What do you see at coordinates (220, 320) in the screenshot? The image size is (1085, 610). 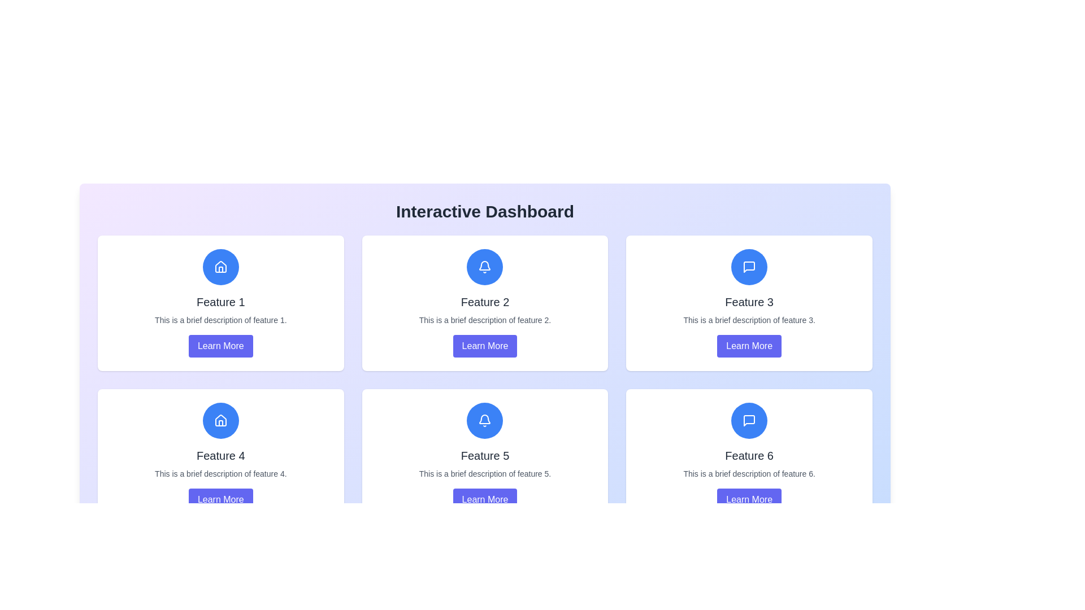 I see `the text component that states 'This is a brief description of feature 1.' styled with small, centered, gray font, located within the lower half of the feature card labeled 'Feature 1'` at bounding box center [220, 320].